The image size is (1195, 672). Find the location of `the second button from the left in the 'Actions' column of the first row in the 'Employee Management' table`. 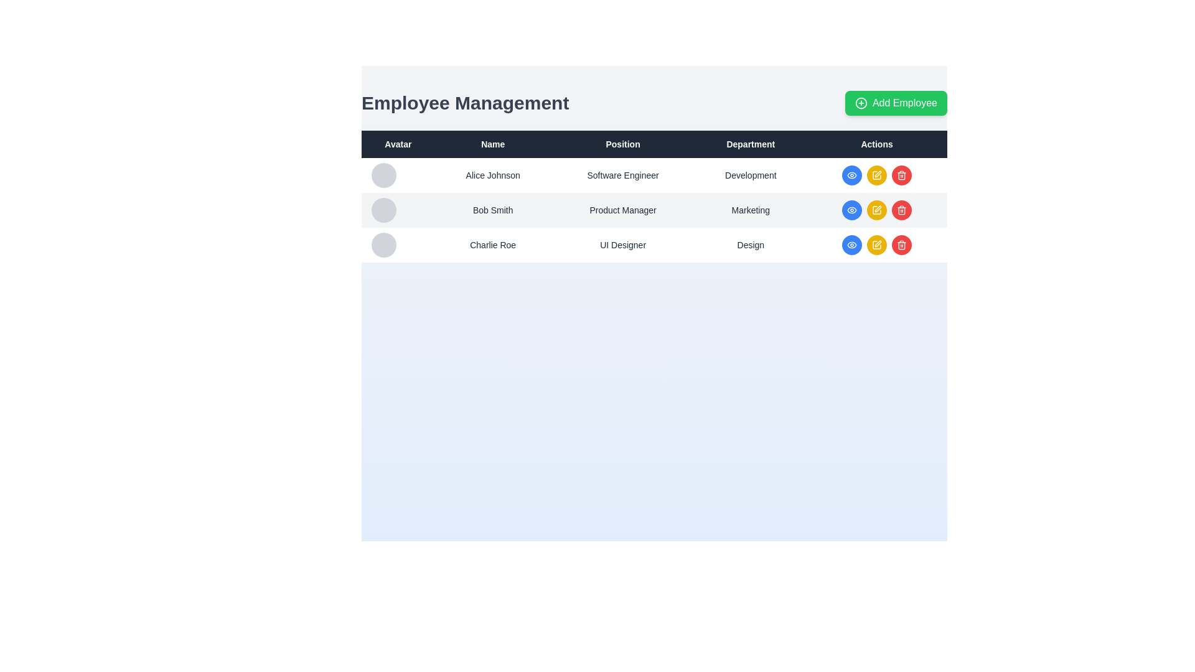

the second button from the left in the 'Actions' column of the first row in the 'Employee Management' table is located at coordinates (876, 175).